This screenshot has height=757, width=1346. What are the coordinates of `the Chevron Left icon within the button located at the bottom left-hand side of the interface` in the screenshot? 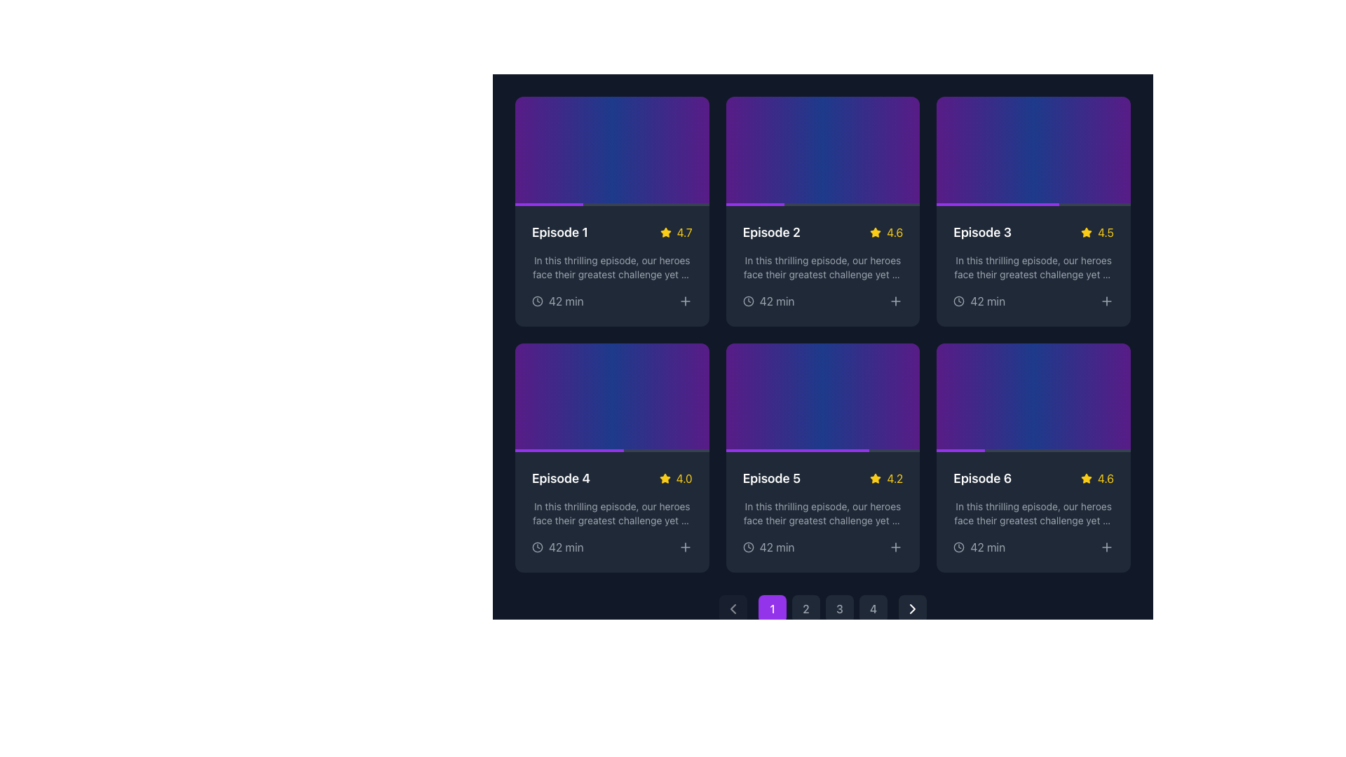 It's located at (733, 608).